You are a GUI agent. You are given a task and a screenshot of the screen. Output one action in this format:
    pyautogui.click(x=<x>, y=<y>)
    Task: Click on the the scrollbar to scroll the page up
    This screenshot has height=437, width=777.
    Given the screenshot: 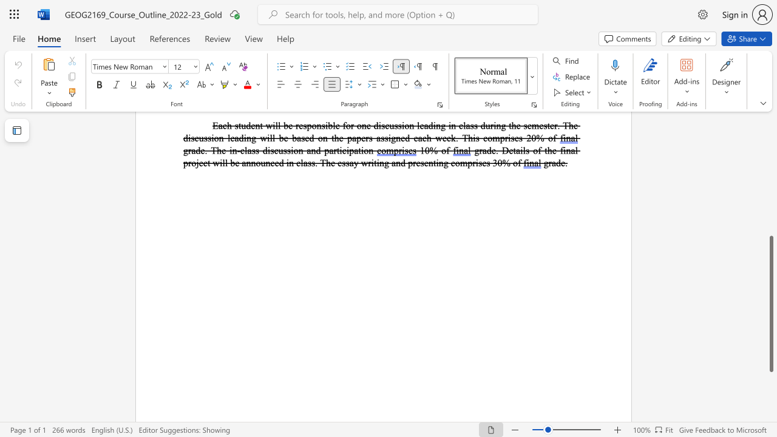 What is the action you would take?
    pyautogui.click(x=770, y=225)
    